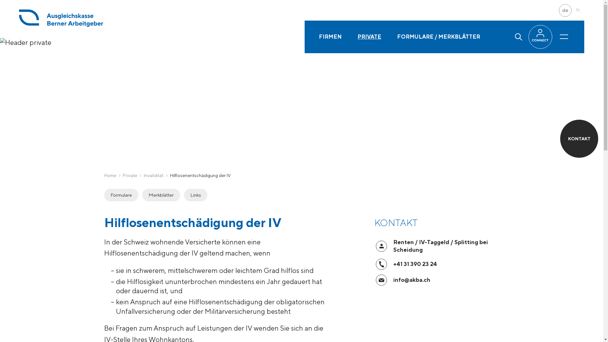  Describe the element at coordinates (578, 10) in the screenshot. I see `'fr'` at that location.